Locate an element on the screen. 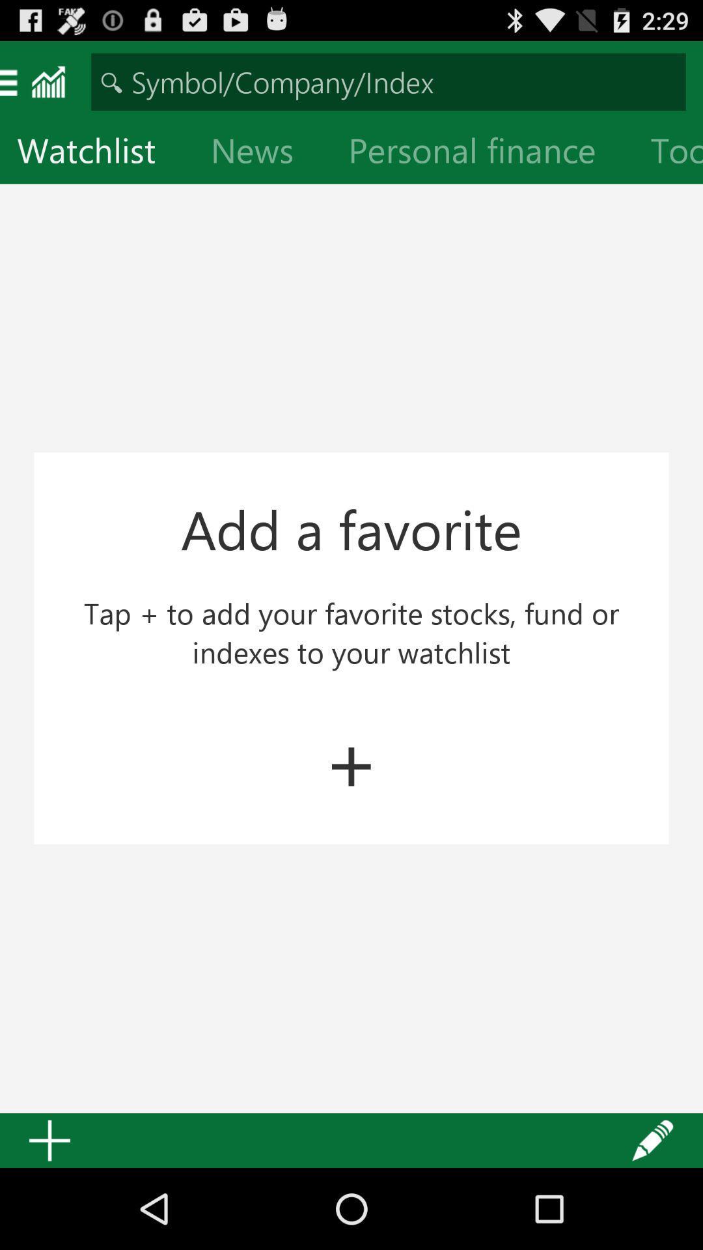  the item above watchlist icon is located at coordinates (388, 81).